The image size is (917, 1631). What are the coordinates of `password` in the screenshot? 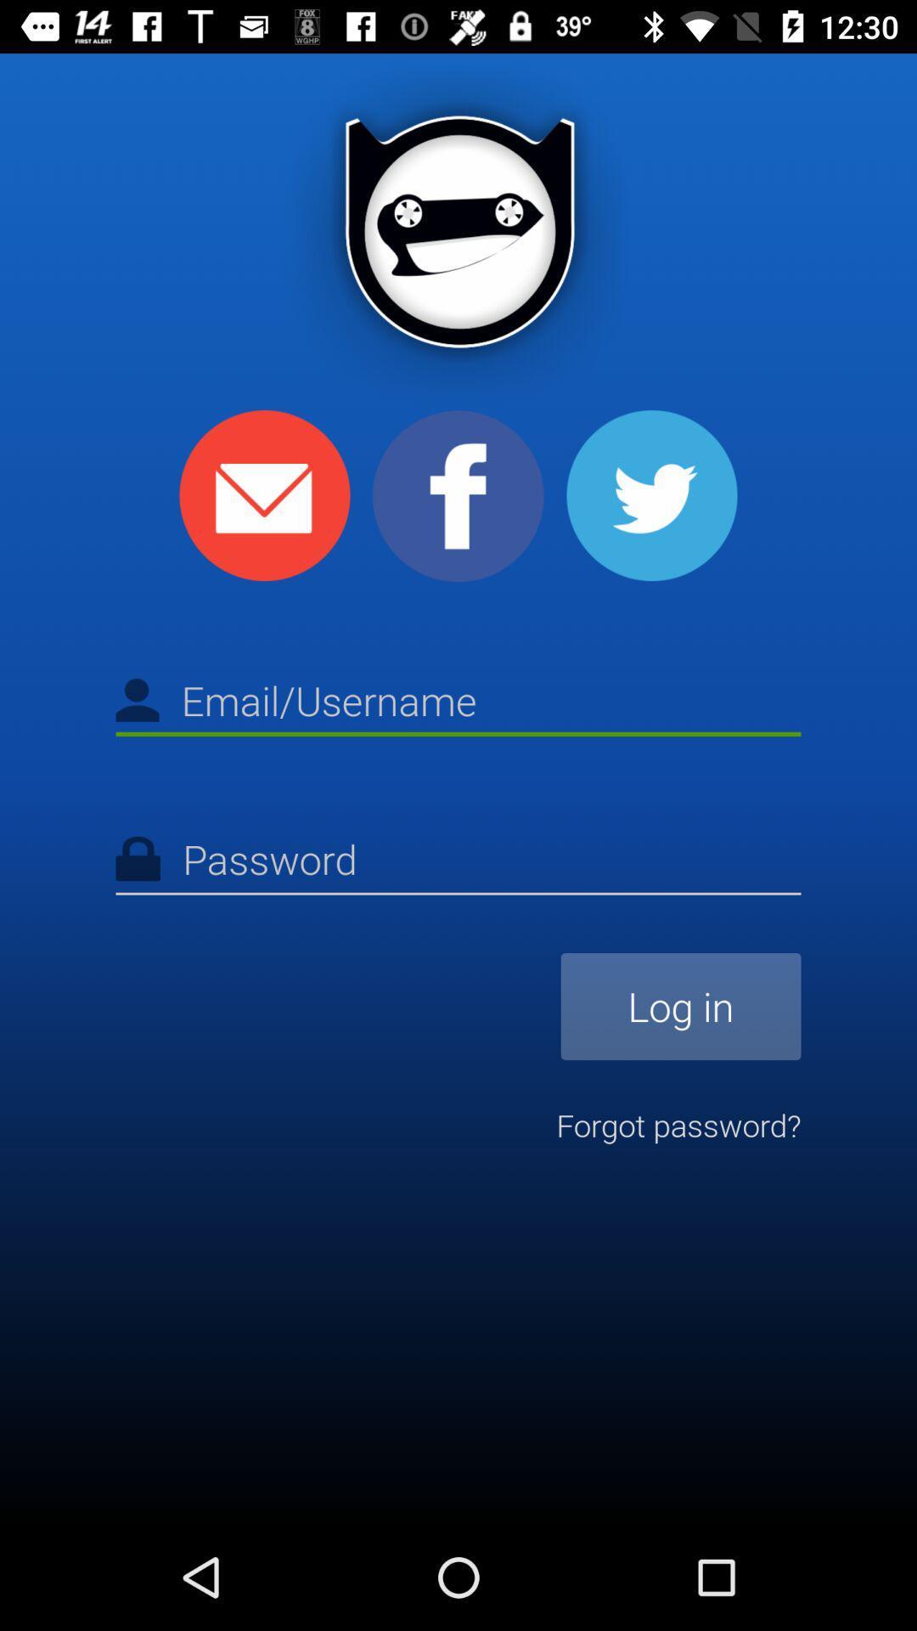 It's located at (458, 862).